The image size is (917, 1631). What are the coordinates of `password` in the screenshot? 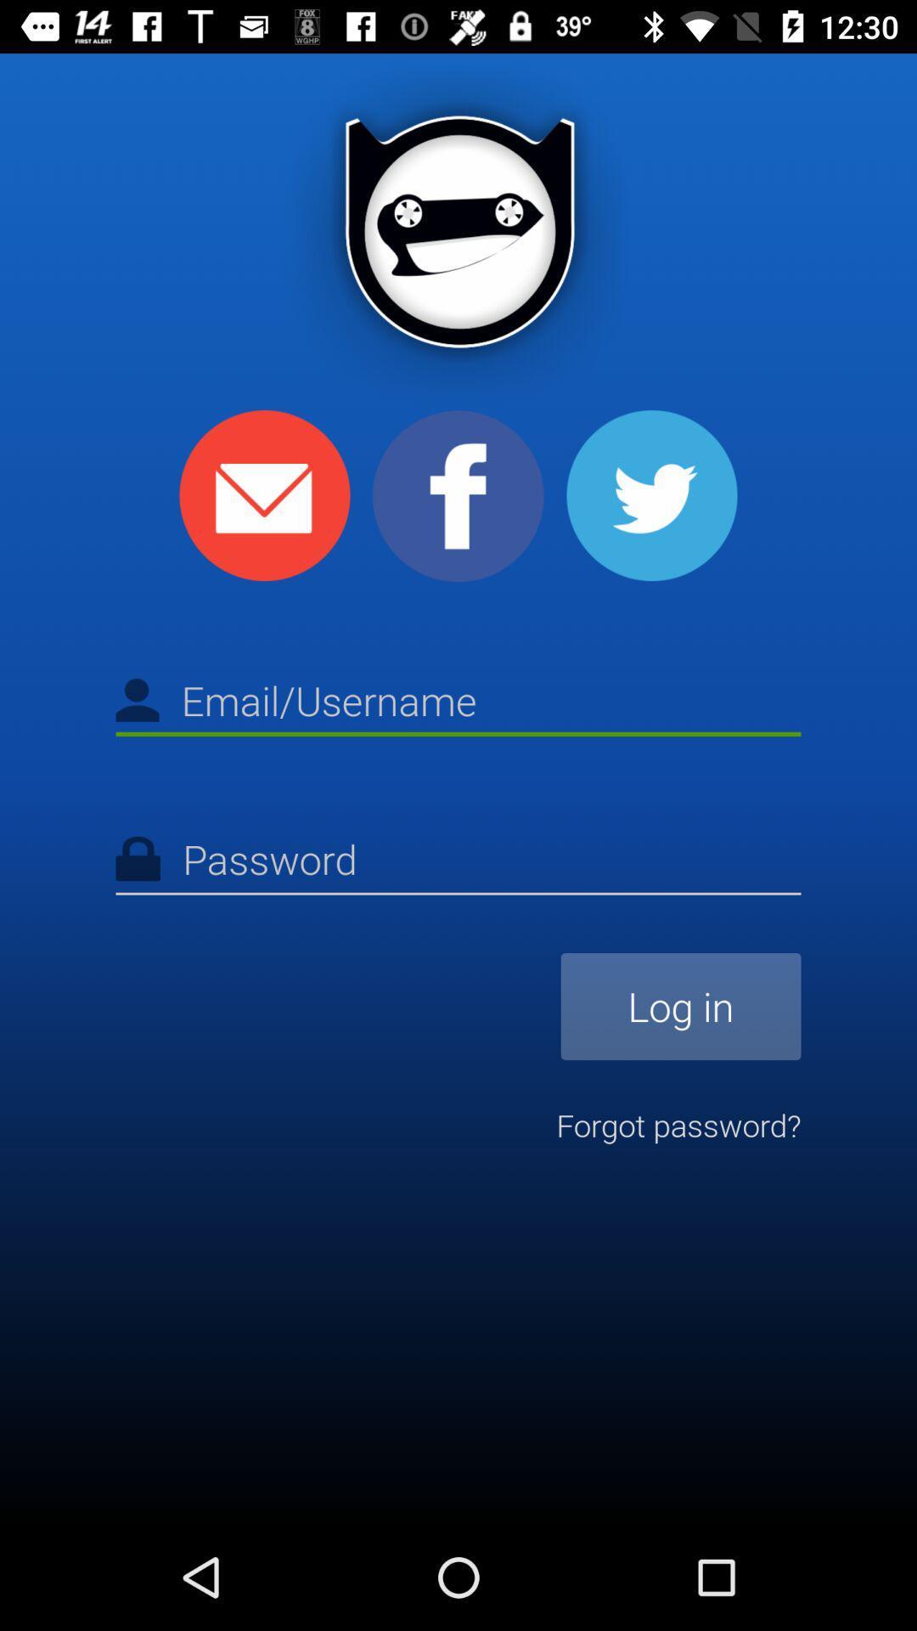 It's located at (458, 862).